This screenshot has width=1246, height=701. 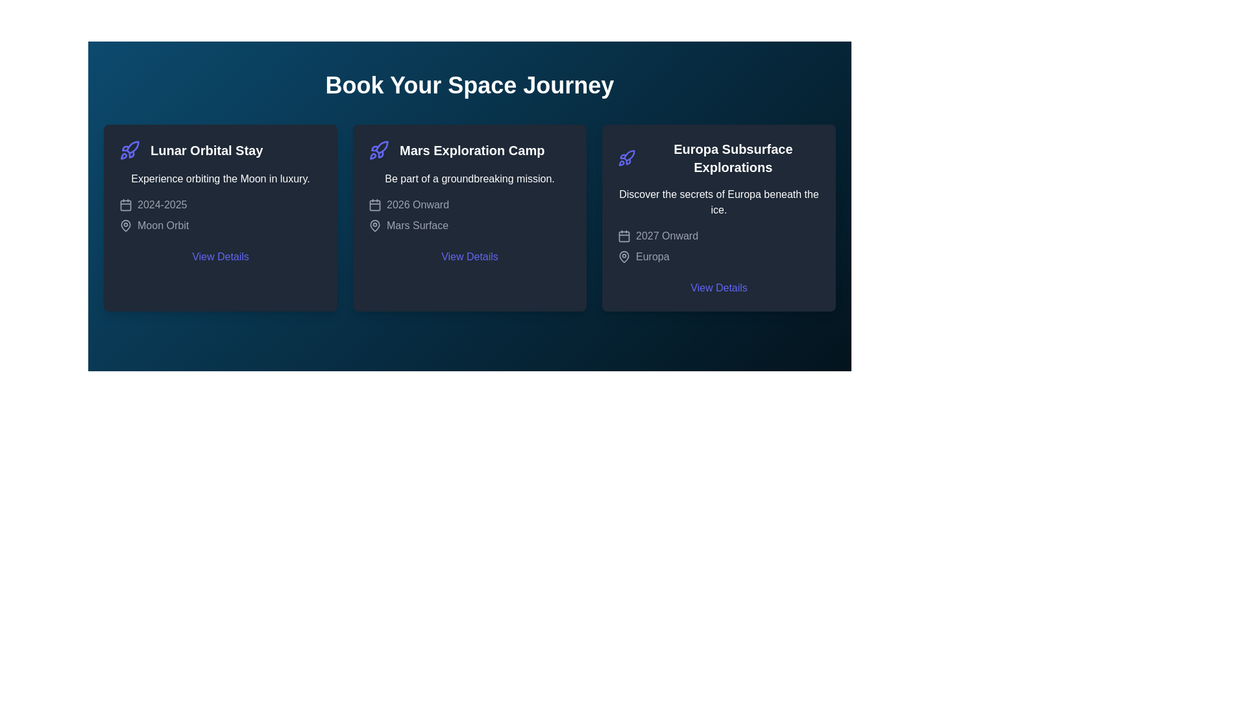 I want to click on the calendar icon located in the card labeled 'Europa Subsurface Explorations', which is positioned immediately to the left of the text '2027 Onward' to visually associate with date-related information, so click(x=624, y=236).